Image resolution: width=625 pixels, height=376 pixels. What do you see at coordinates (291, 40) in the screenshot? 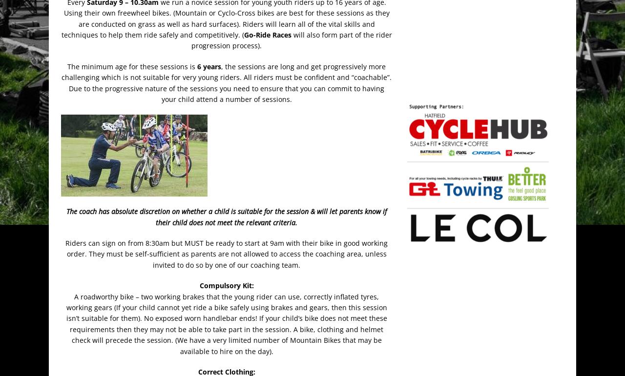
I see `'will also form part of the rider progression process).'` at bounding box center [291, 40].